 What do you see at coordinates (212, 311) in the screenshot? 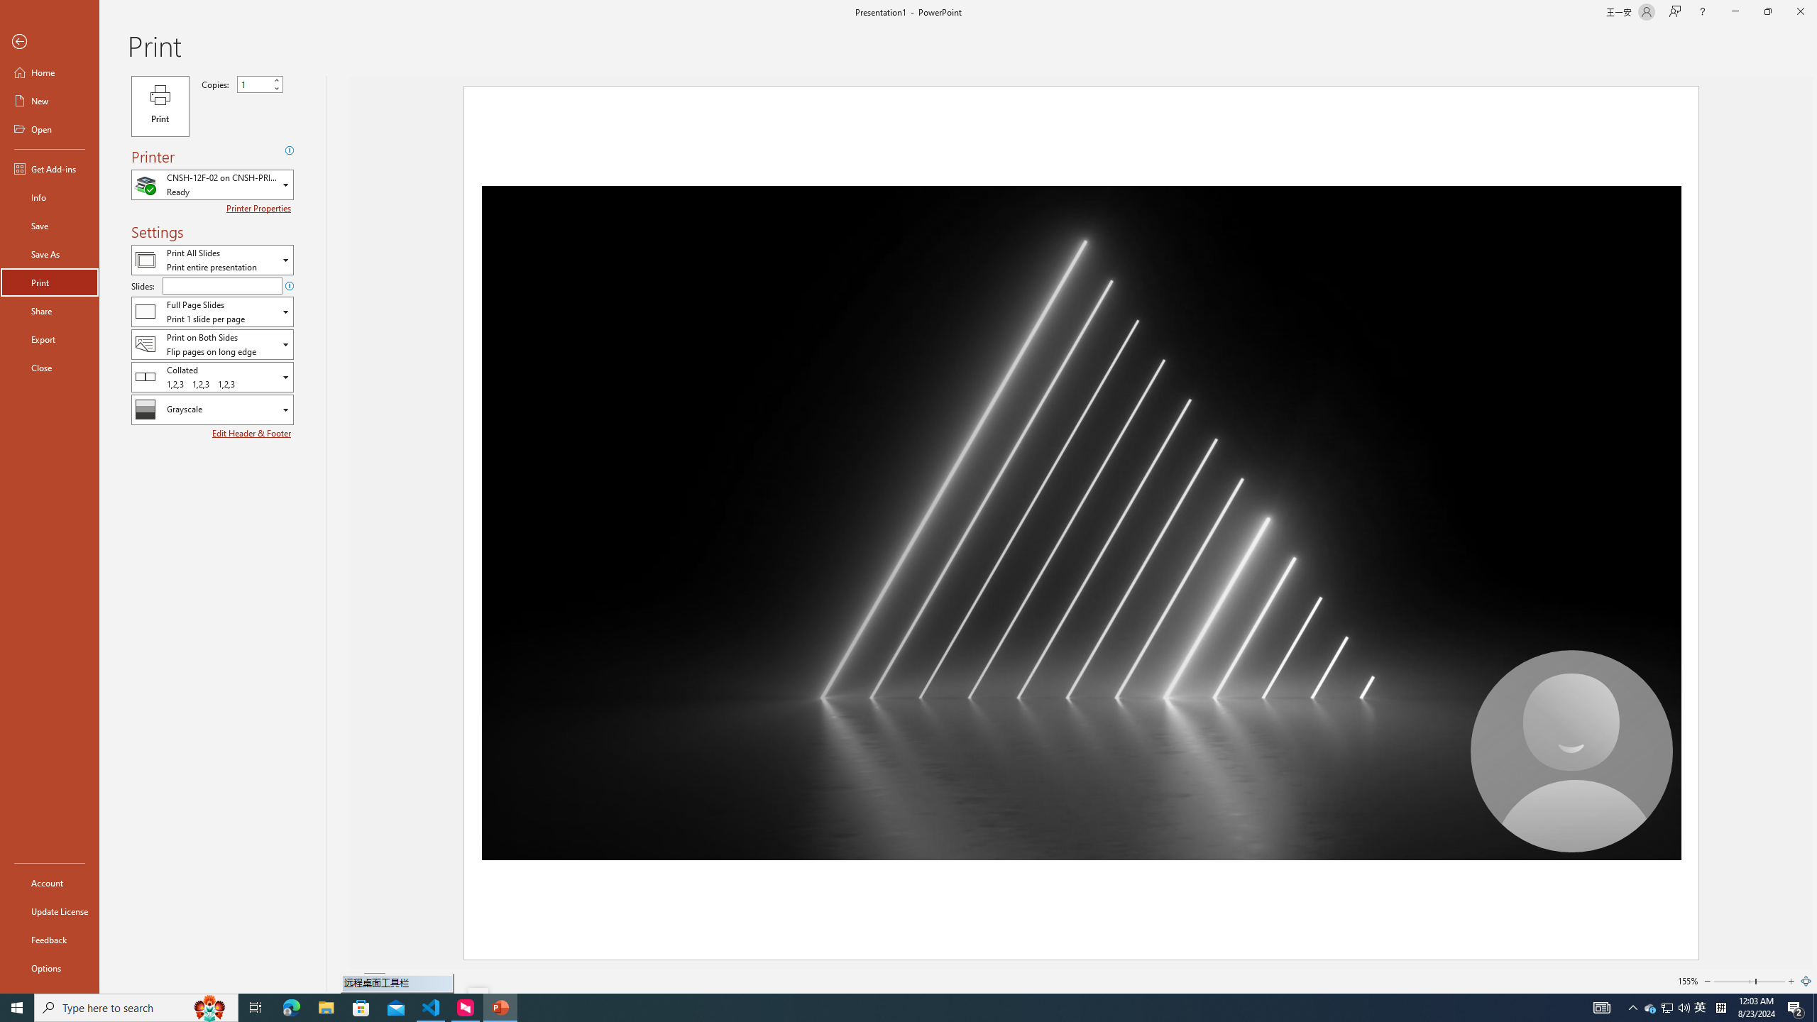
I see `'Slides and Handouts'` at bounding box center [212, 311].